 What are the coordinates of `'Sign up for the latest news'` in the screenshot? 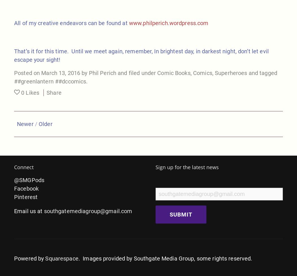 It's located at (187, 167).